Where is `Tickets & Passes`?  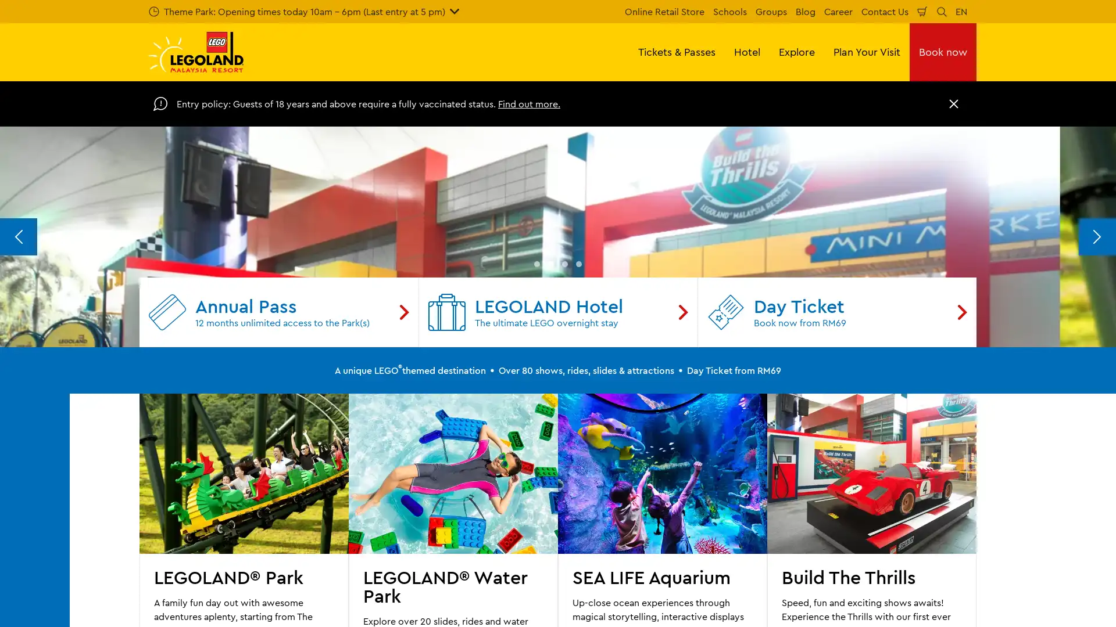 Tickets & Passes is located at coordinates (677, 51).